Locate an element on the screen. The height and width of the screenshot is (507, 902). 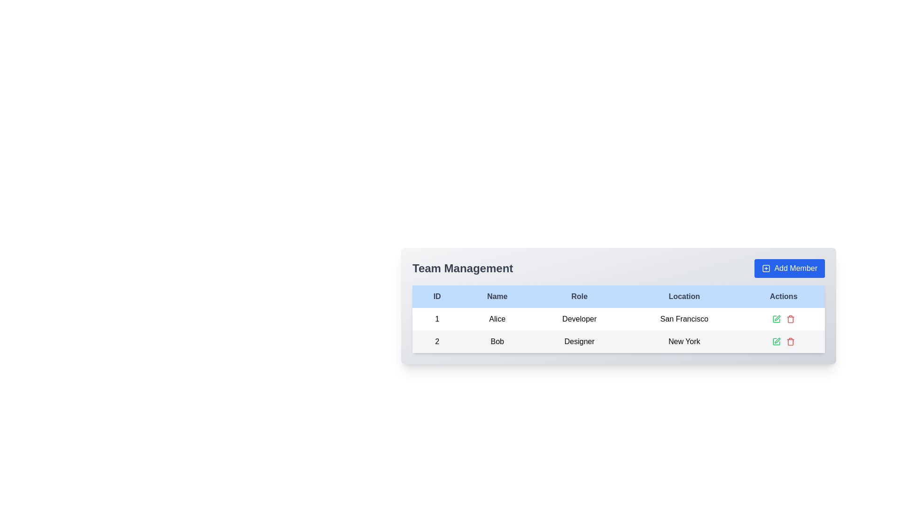
the static text label indicating the role of the listed individual in the table, located in the second row, third column under the 'Role' header, adjacent to 'Bob' on the left and 'New York' on the right is located at coordinates (579, 342).